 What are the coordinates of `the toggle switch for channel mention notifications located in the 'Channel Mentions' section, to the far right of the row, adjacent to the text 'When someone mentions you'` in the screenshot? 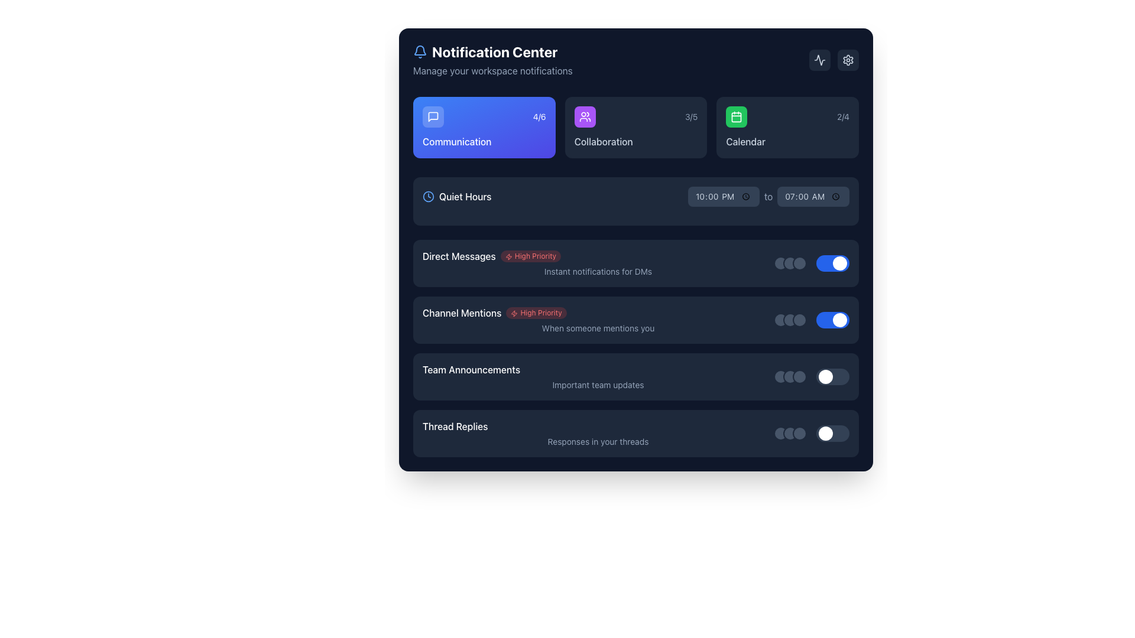 It's located at (810, 320).